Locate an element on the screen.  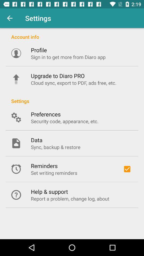
the sign in to item is located at coordinates (68, 57).